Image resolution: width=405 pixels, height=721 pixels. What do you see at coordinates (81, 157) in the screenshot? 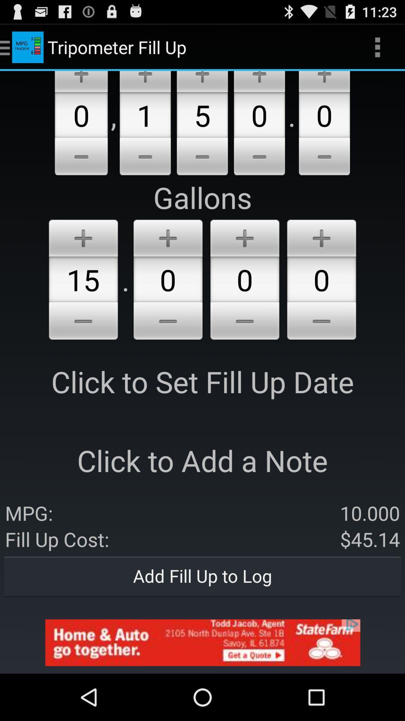
I see `reduce value option` at bounding box center [81, 157].